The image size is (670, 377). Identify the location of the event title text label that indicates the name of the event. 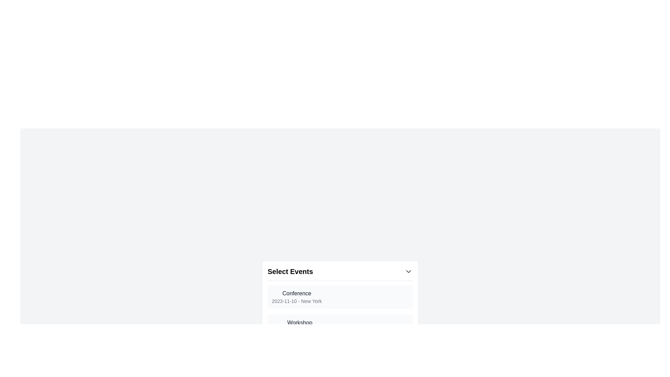
(297, 293).